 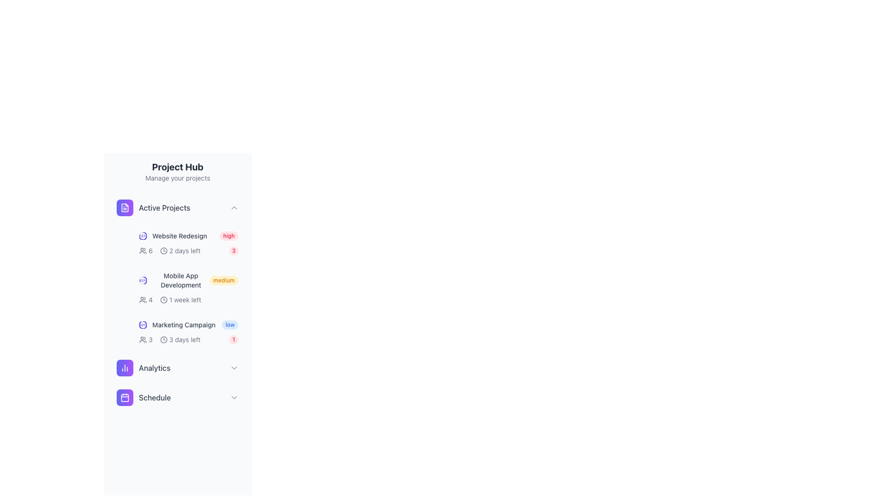 What do you see at coordinates (178, 207) in the screenshot?
I see `the 'Active Projects' button located just below the 'Project Hub' heading` at bounding box center [178, 207].